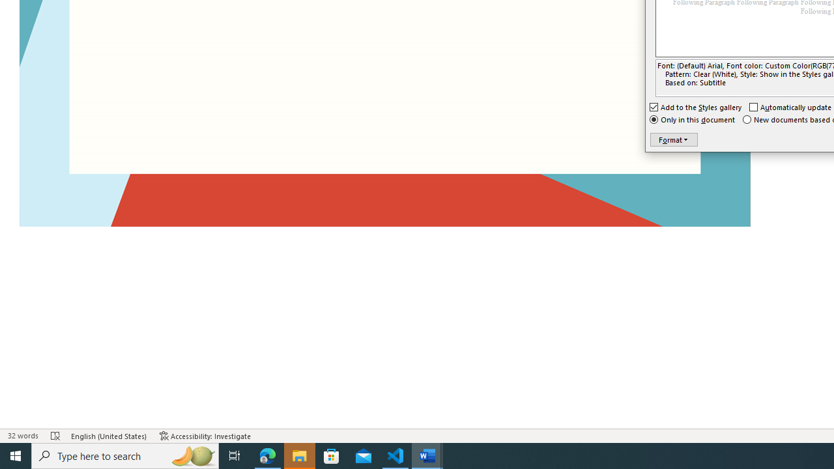  Describe the element at coordinates (192, 455) in the screenshot. I see `'Search highlights icon opens search home window'` at that location.